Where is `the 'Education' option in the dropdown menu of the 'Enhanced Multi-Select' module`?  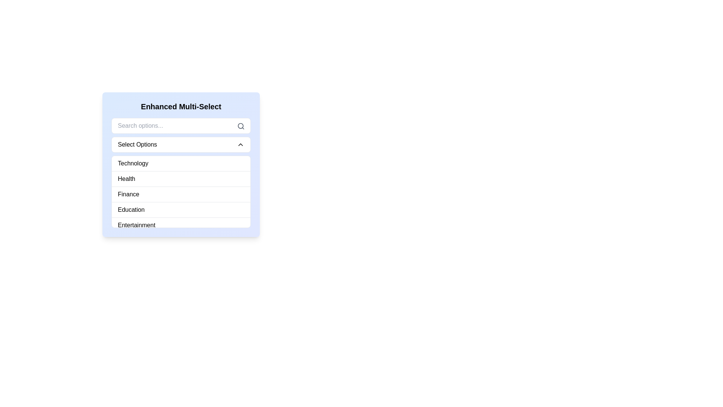
the 'Education' option in the dropdown menu of the 'Enhanced Multi-Select' module is located at coordinates (131, 210).